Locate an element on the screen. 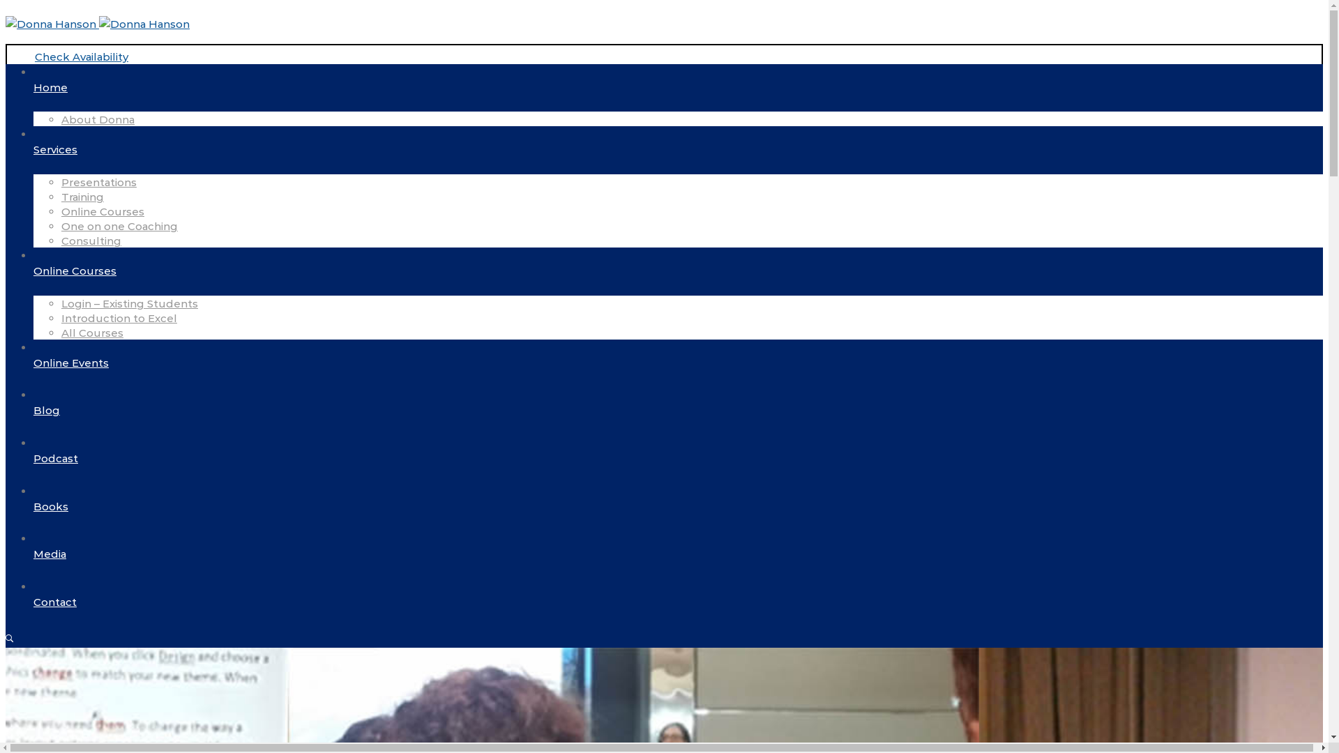 The height and width of the screenshot is (753, 1339). 'Training' is located at coordinates (60, 197).